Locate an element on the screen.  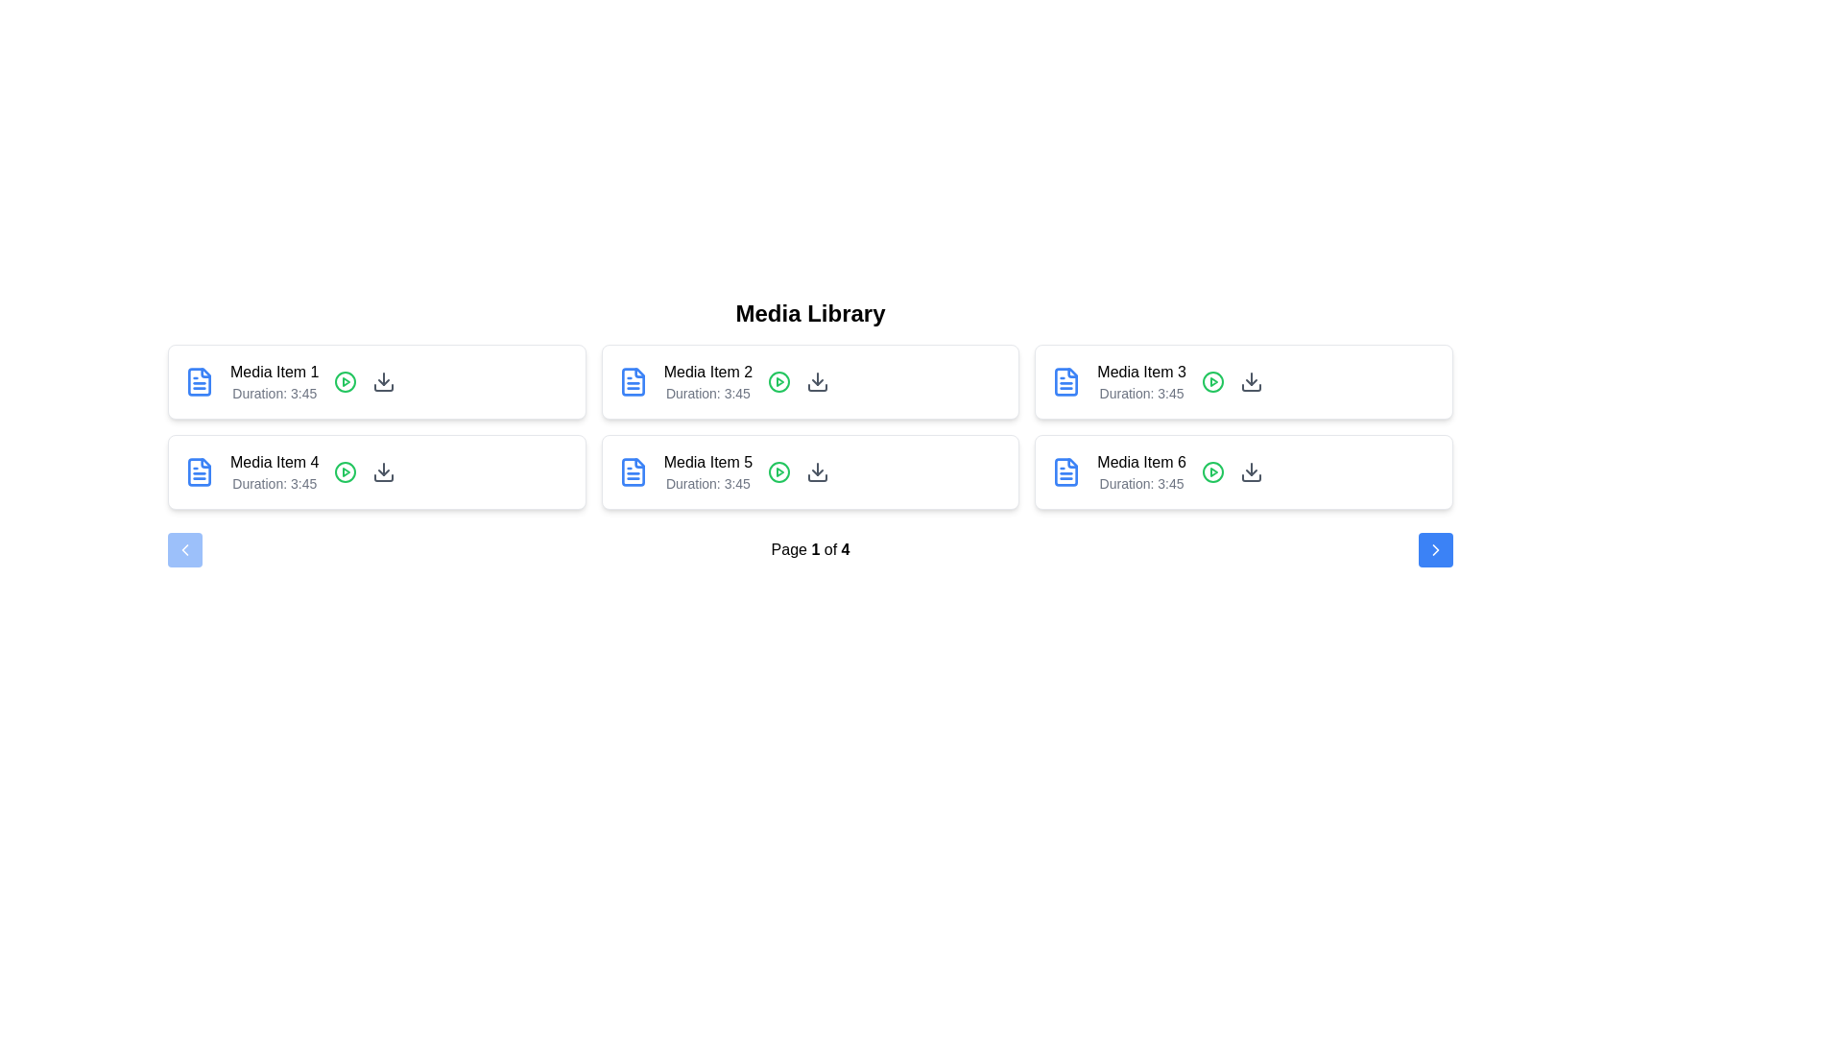
the bold number '1' which is part of the page indicator showing 'Page 1 of 4' is located at coordinates (815, 549).